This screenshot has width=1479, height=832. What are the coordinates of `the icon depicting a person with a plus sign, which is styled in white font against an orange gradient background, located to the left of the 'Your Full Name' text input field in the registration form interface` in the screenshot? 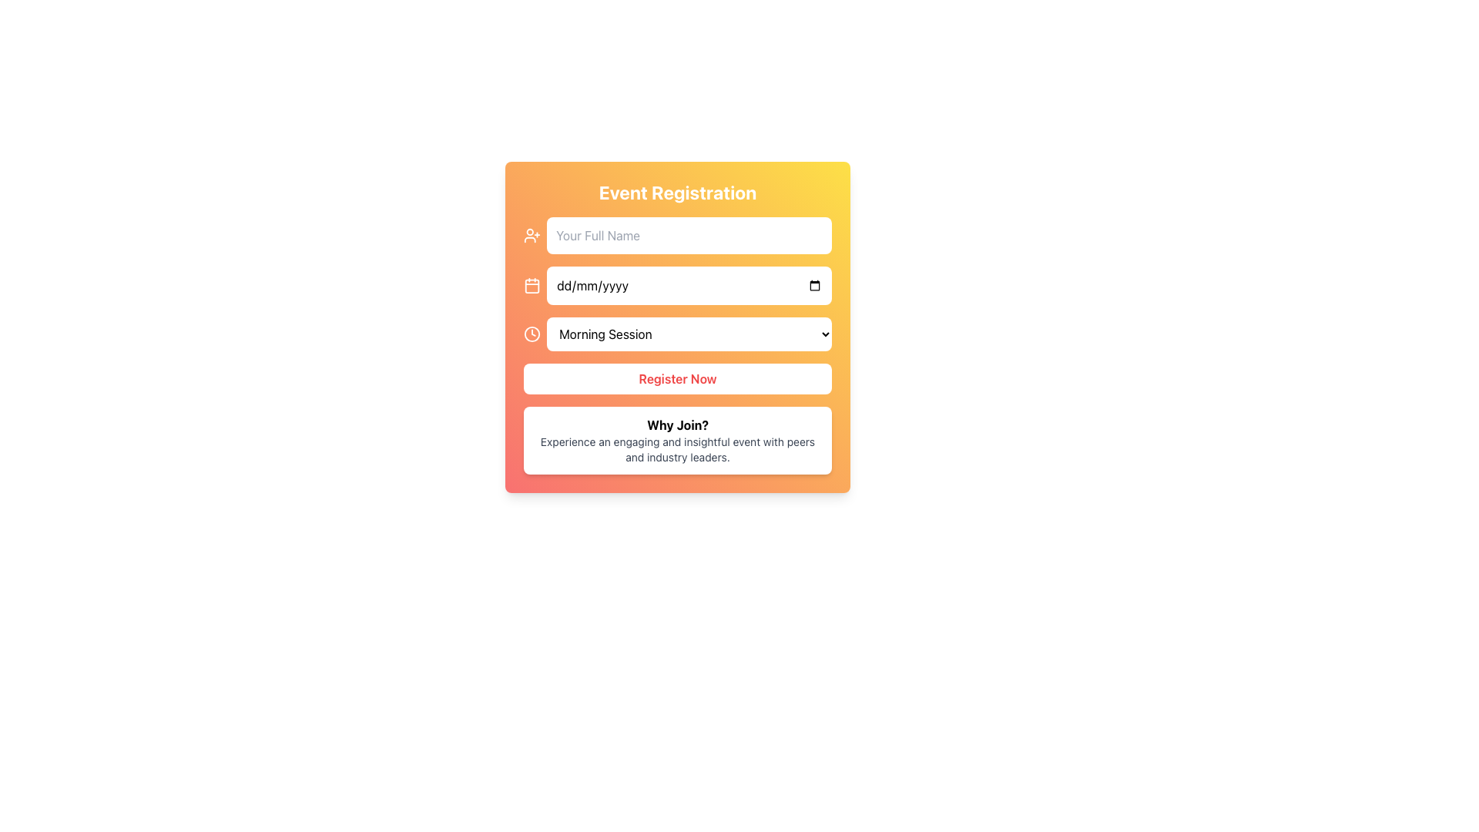 It's located at (532, 235).